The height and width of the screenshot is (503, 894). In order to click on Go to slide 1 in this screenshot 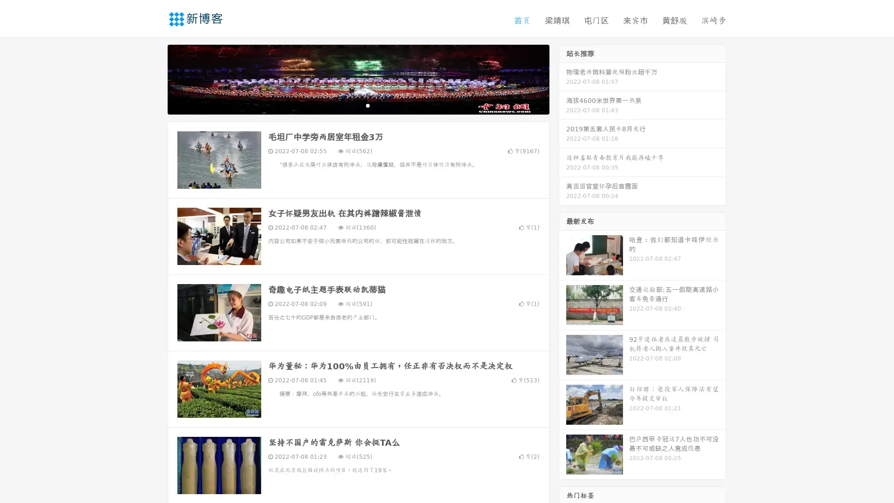, I will do `click(348, 105)`.